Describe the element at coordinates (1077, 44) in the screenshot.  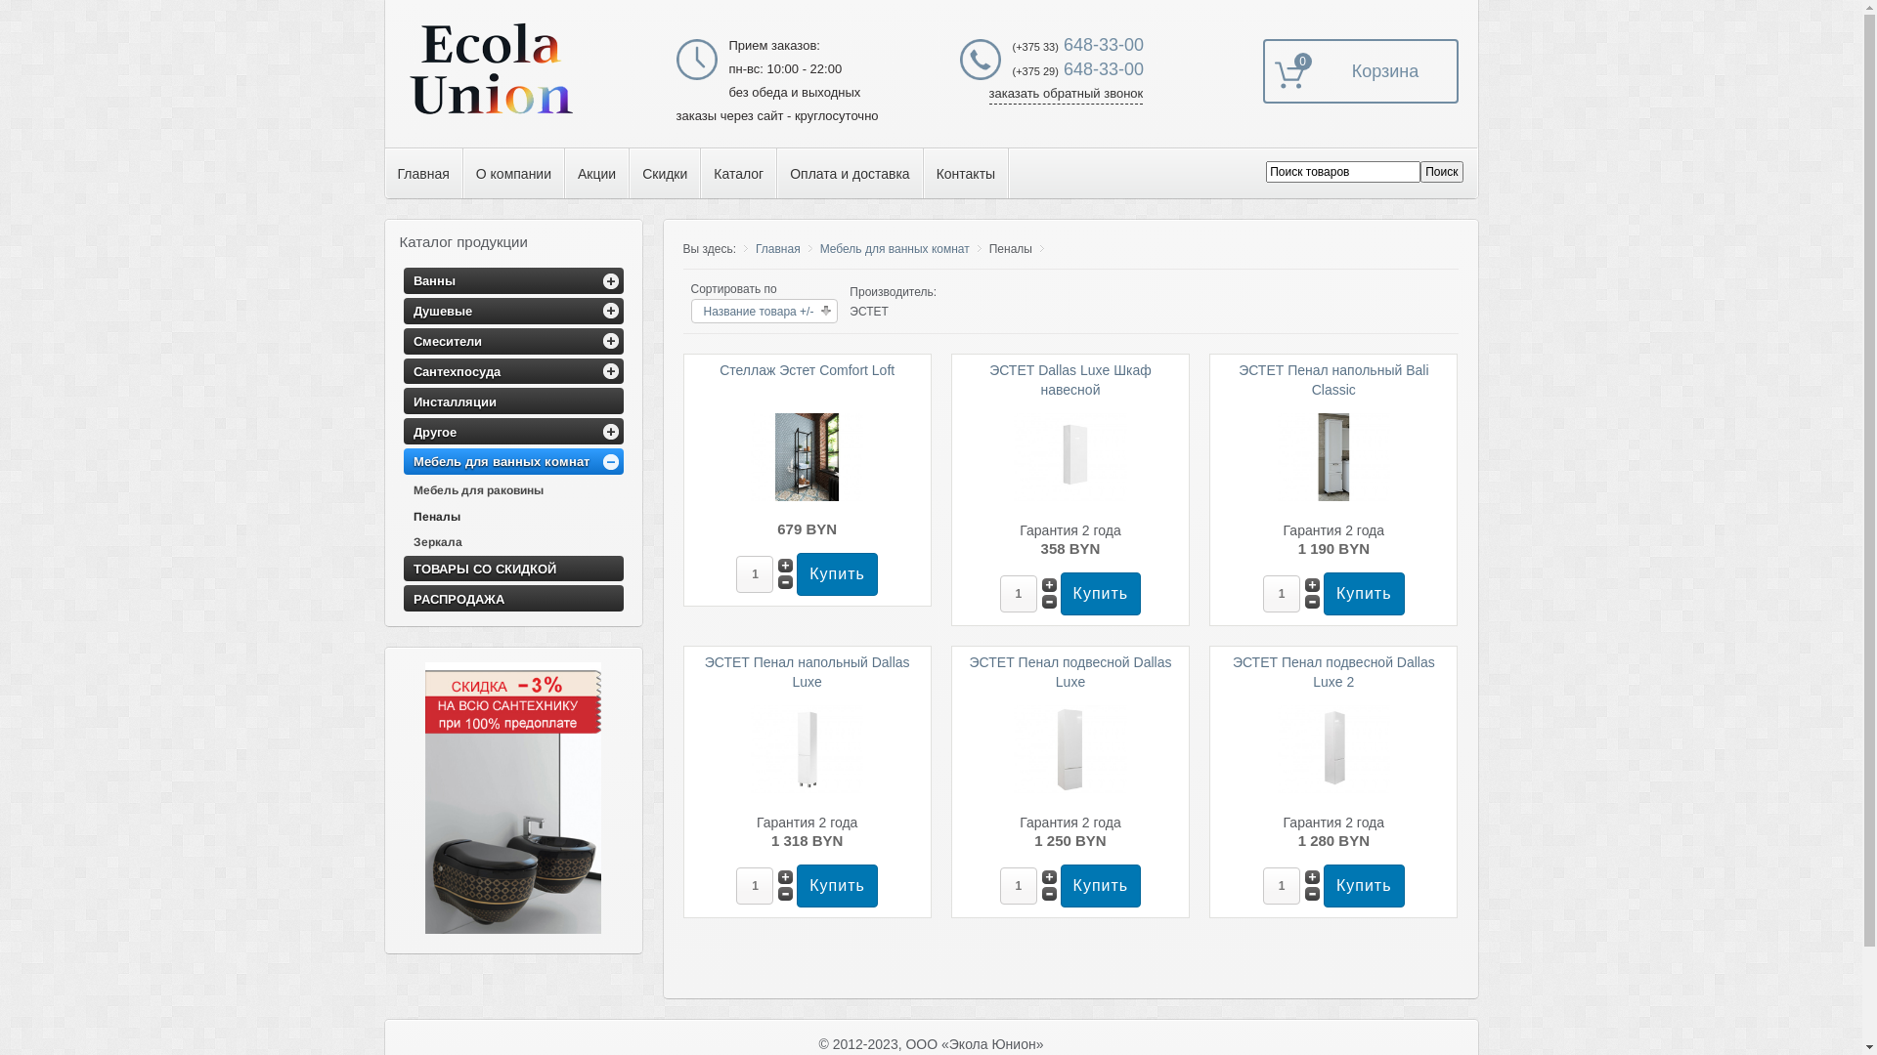
I see `'(+375 33) 648-33-00'` at that location.